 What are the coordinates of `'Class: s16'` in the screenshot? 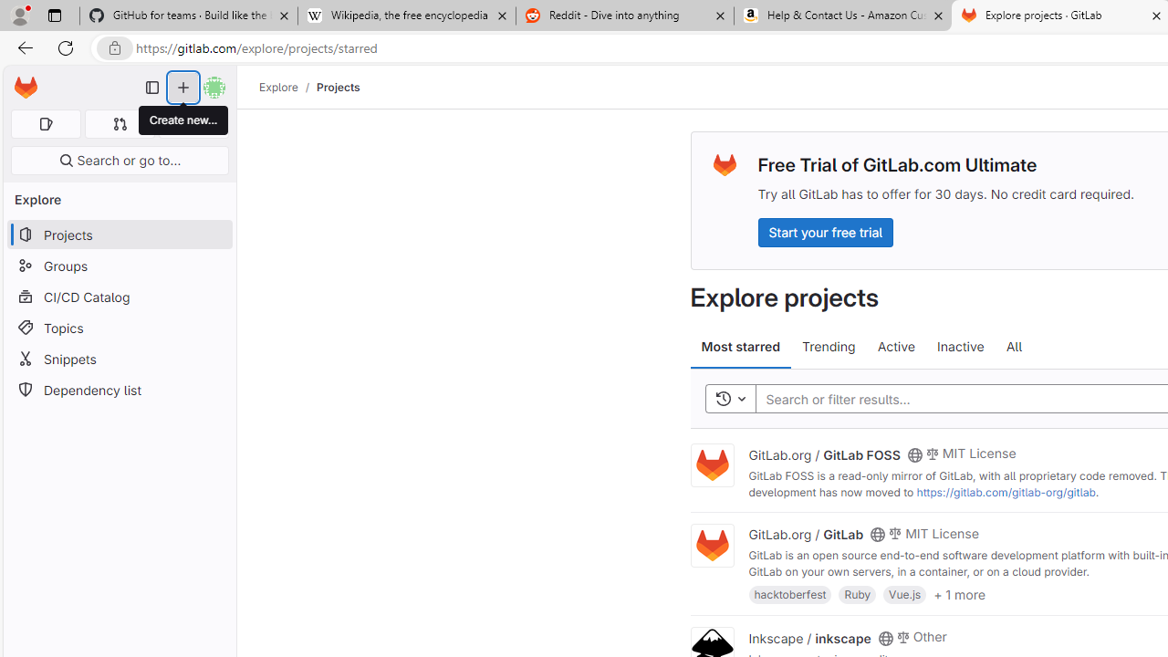 It's located at (885, 637).